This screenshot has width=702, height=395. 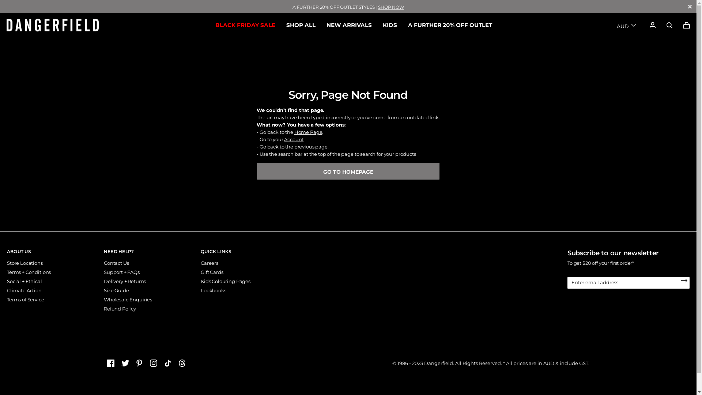 What do you see at coordinates (121, 272) in the screenshot?
I see `'Support + FAQs'` at bounding box center [121, 272].